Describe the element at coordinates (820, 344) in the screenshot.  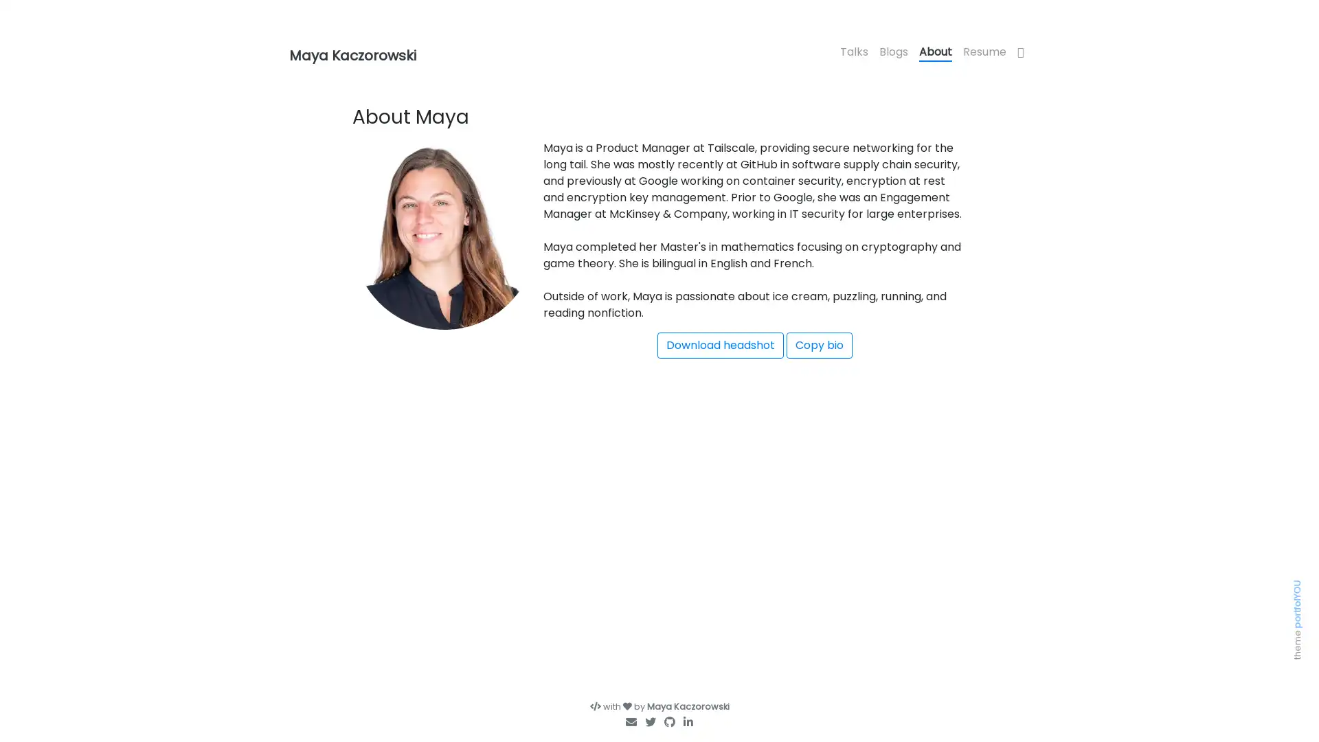
I see `Copy bio` at that location.